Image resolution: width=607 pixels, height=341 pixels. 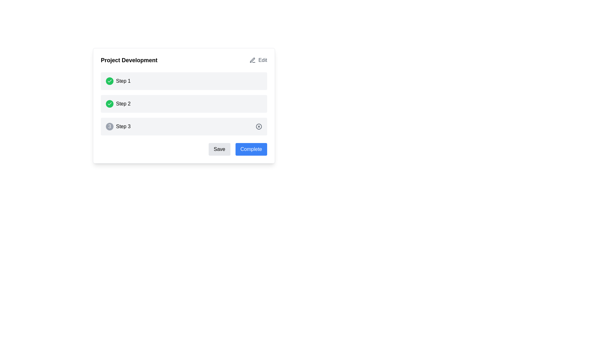 I want to click on the third step indicator in the vertical sequence of step indicators located on the left side of the interface, so click(x=118, y=127).